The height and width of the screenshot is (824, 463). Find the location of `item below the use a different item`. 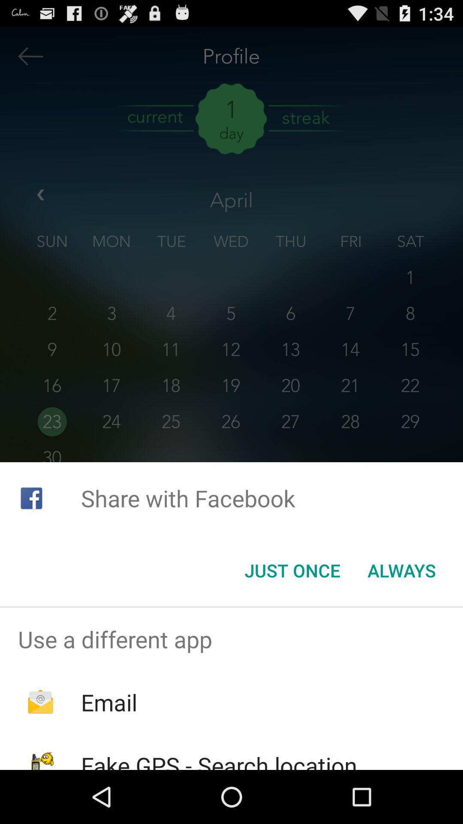

item below the use a different item is located at coordinates (108, 702).